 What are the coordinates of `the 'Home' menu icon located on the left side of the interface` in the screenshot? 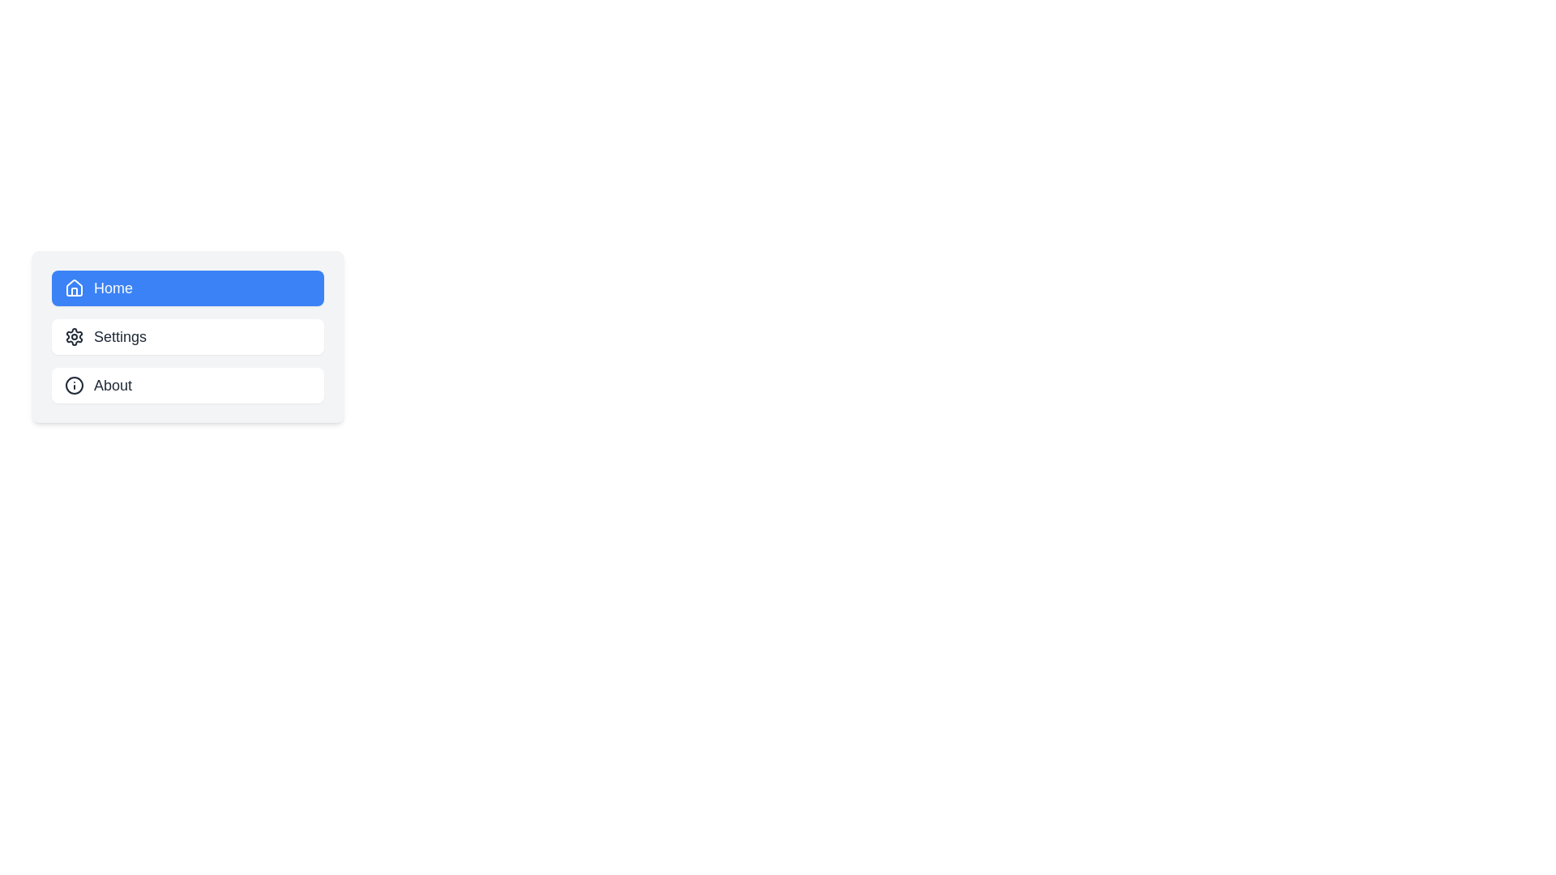 It's located at (73, 287).